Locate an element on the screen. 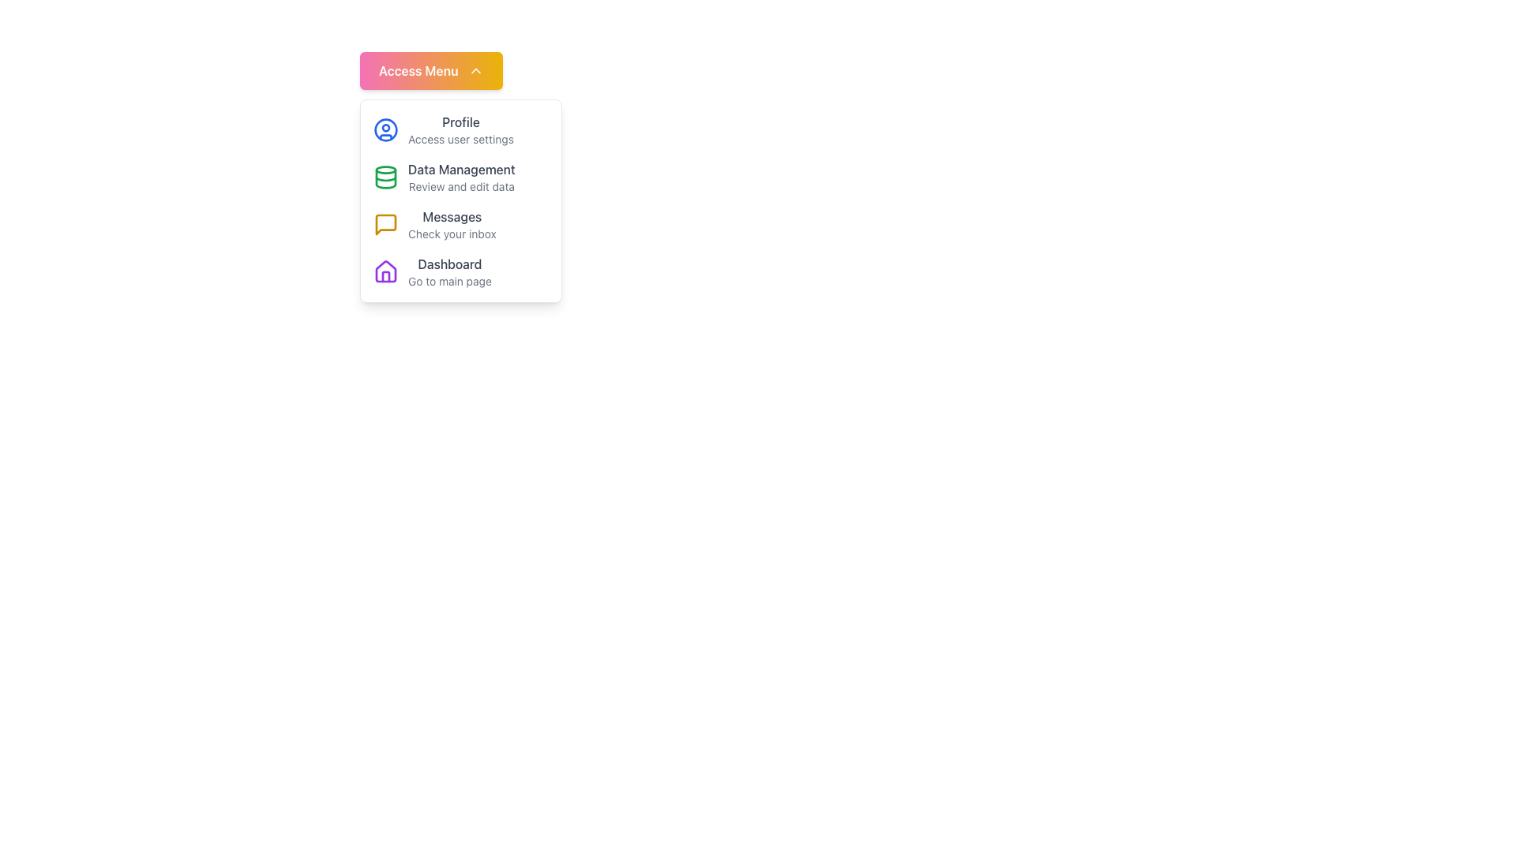 This screenshot has height=852, width=1516. the navigational link labeled 'Dashboard' in the 'Access Menu' dropdown is located at coordinates (460, 271).